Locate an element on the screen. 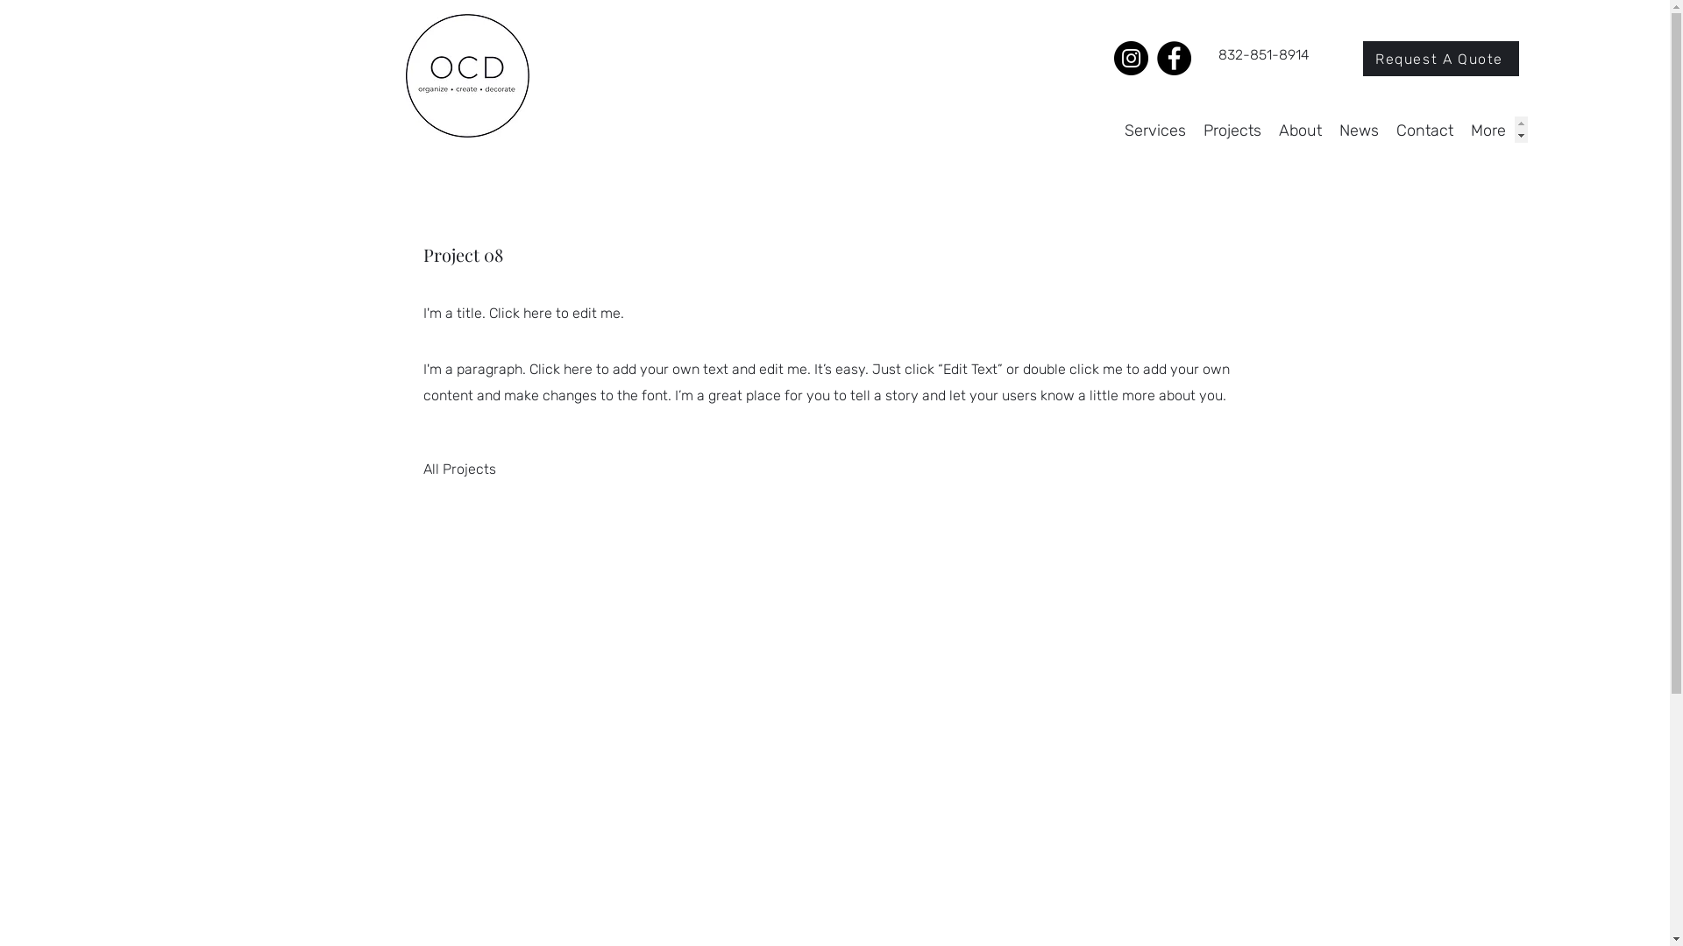 Image resolution: width=1683 pixels, height=946 pixels. 'News' is located at coordinates (1358, 128).